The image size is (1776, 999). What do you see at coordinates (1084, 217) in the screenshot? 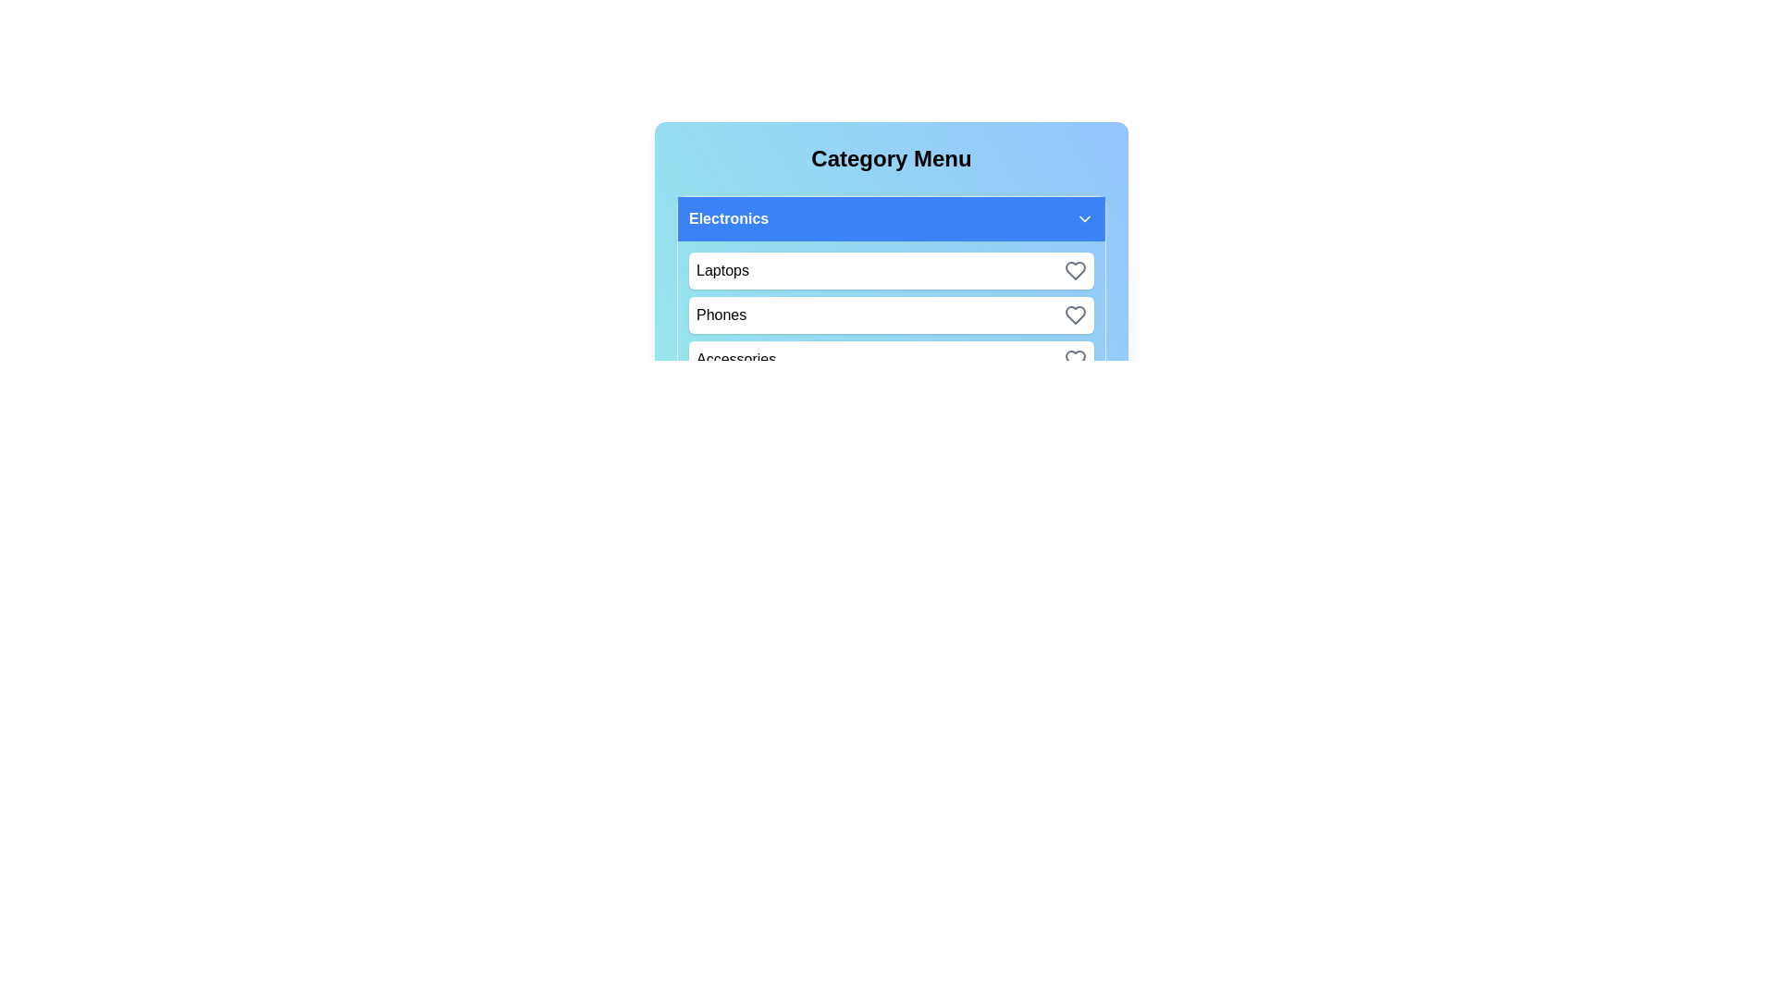
I see `the chevron-down icon on the right side of the 'Electronics' category` at bounding box center [1084, 217].